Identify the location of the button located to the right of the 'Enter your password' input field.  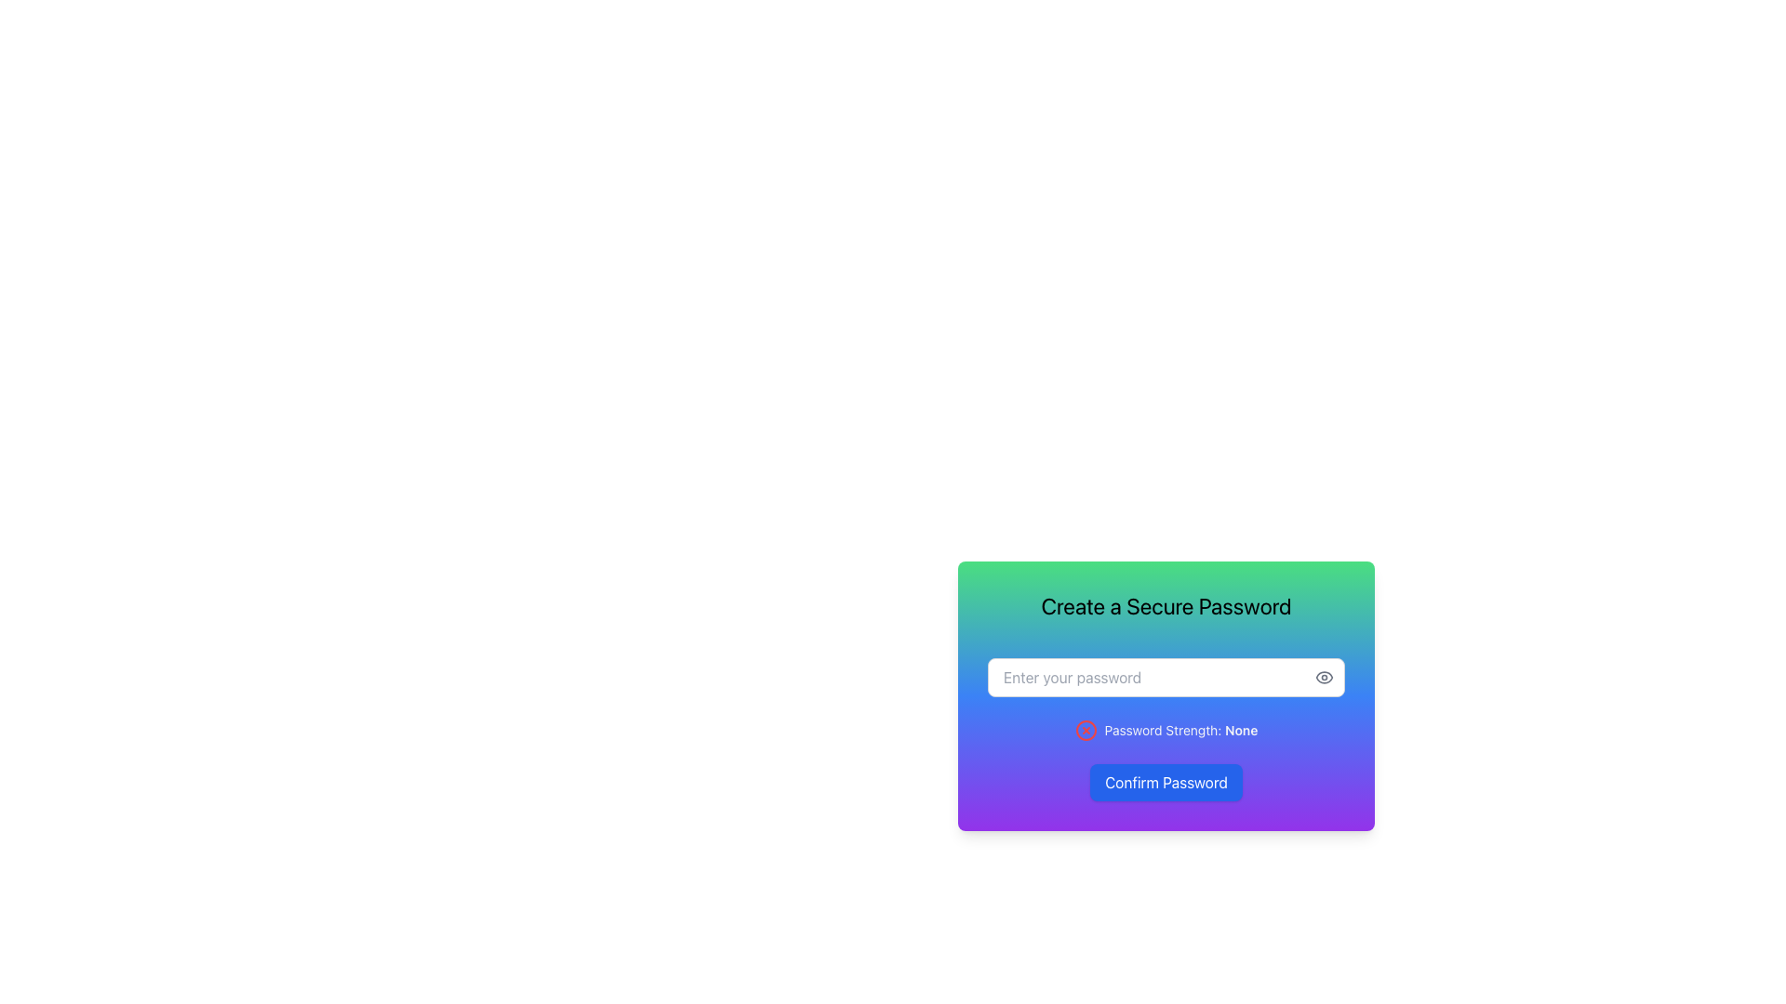
(1324, 678).